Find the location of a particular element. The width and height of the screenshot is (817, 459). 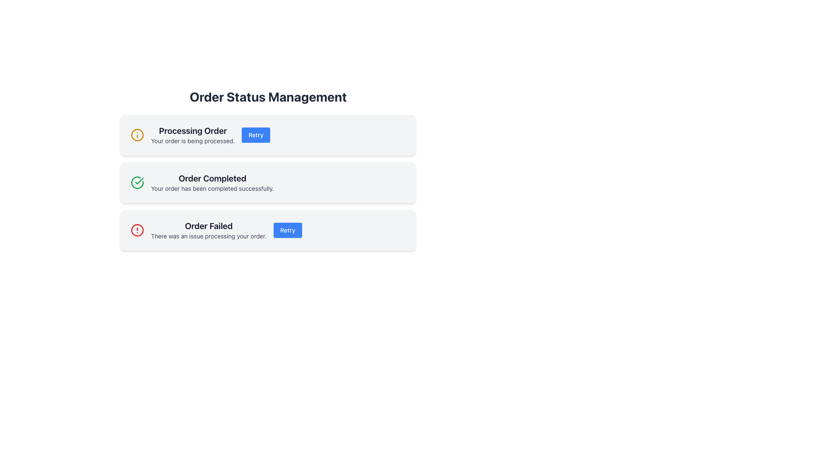

error message displayed in the static text located at the bottom of the 'Order Failed' notification box, which is aligned to the left and positioned directly under the 'Order Failed' header is located at coordinates (209, 236).